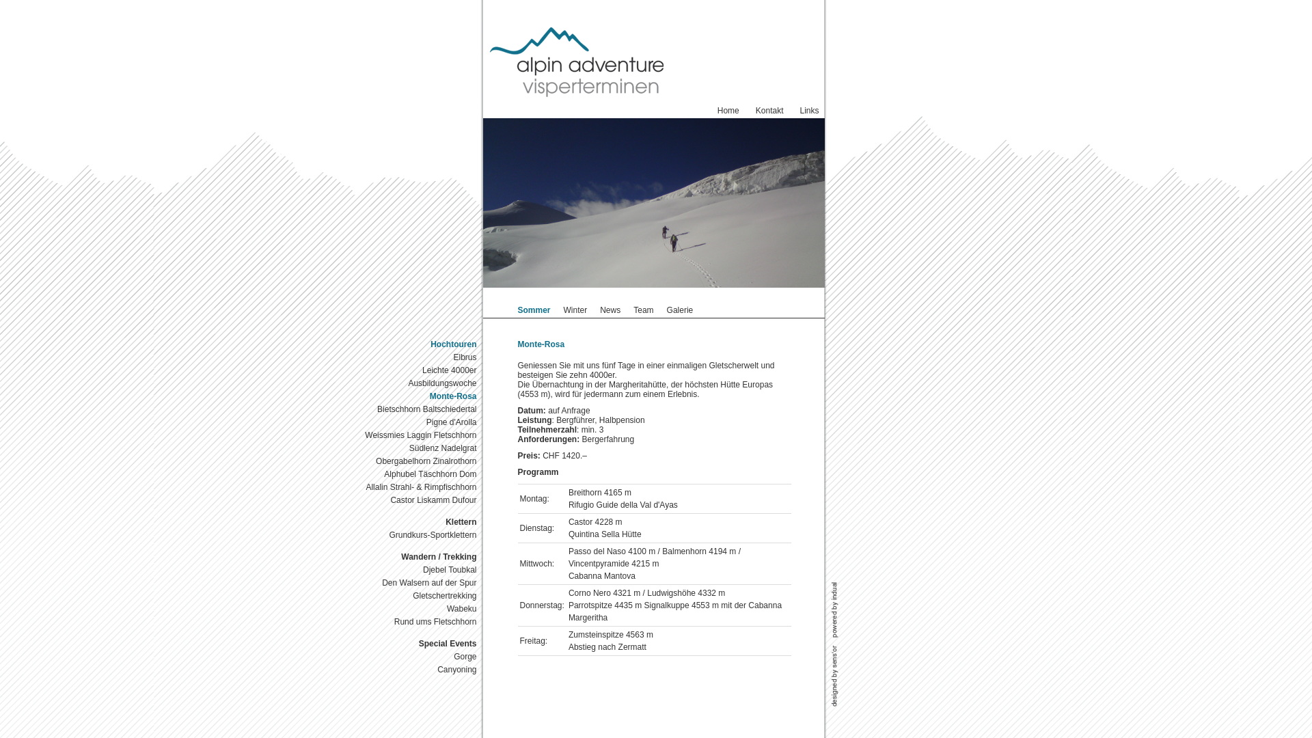 The image size is (1312, 738). I want to click on 'Castor Liskamm Dufour', so click(416, 500).